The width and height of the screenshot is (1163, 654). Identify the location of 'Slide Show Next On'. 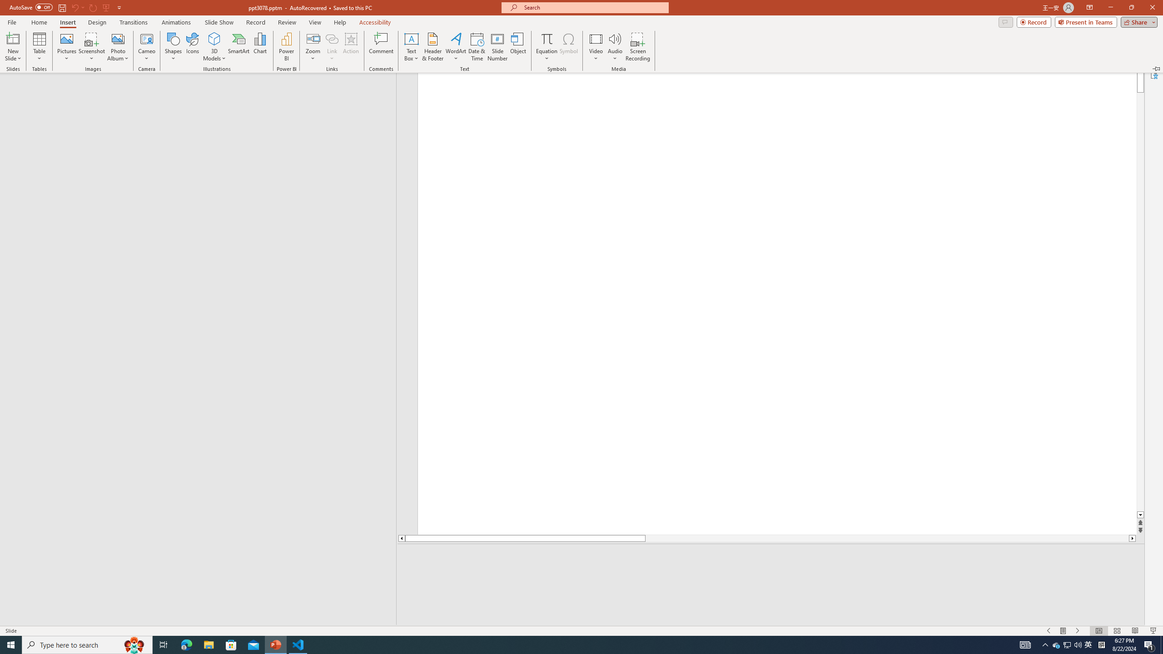
(1078, 631).